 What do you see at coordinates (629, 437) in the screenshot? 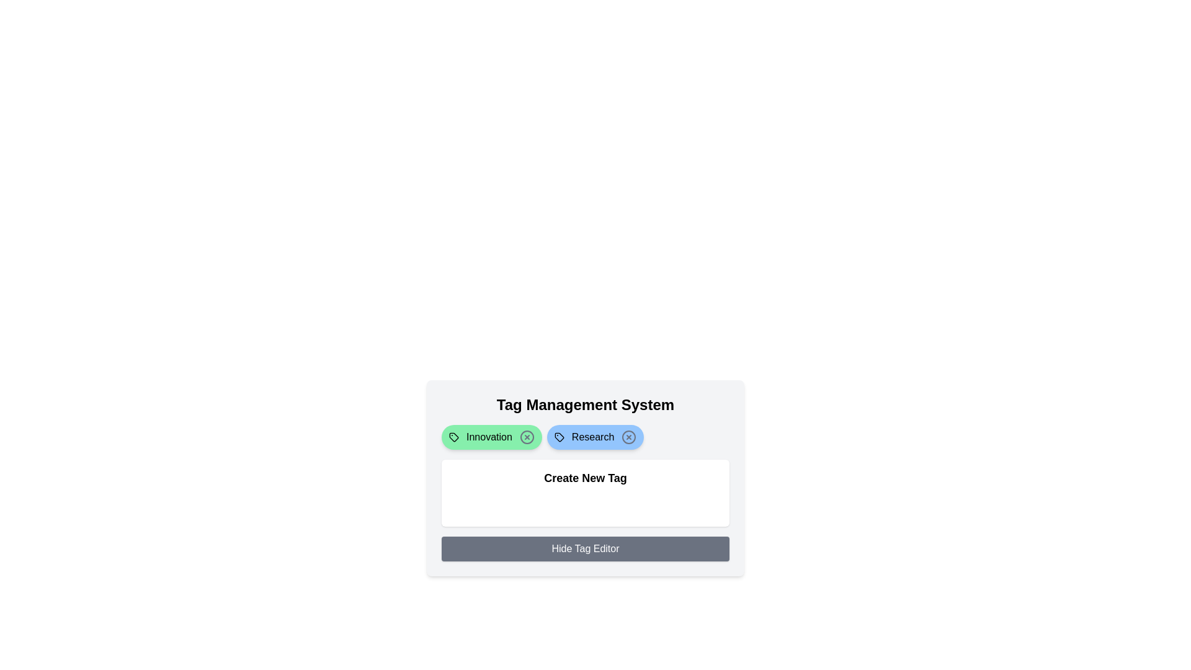
I see `close button on the tag labeled 'Research' to remove it` at bounding box center [629, 437].